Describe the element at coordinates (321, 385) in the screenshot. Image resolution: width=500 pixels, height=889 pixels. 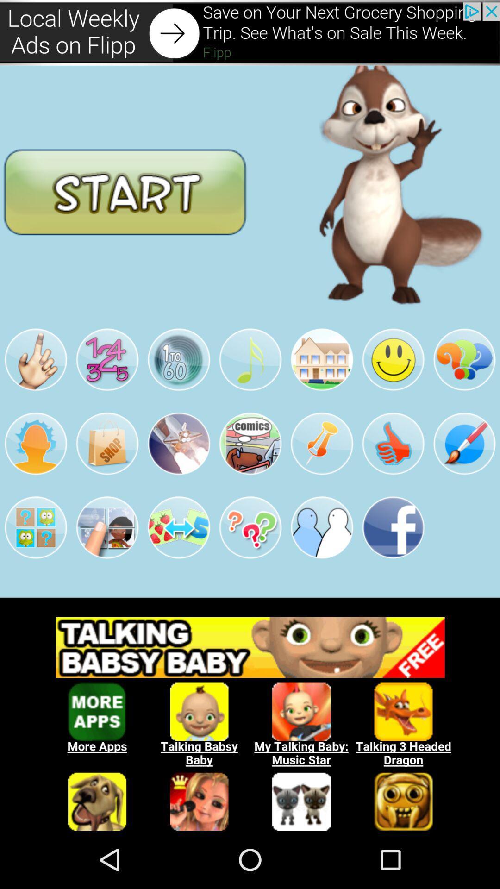
I see `the home icon` at that location.